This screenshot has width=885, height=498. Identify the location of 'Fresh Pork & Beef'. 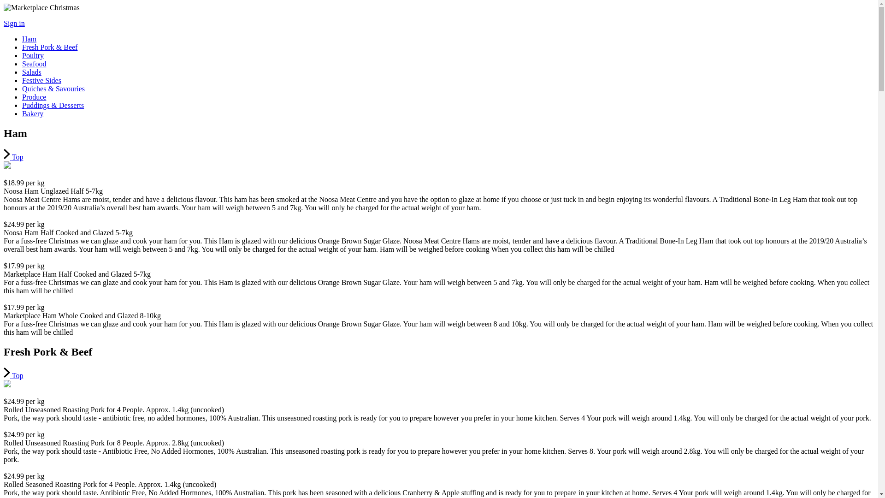
(49, 47).